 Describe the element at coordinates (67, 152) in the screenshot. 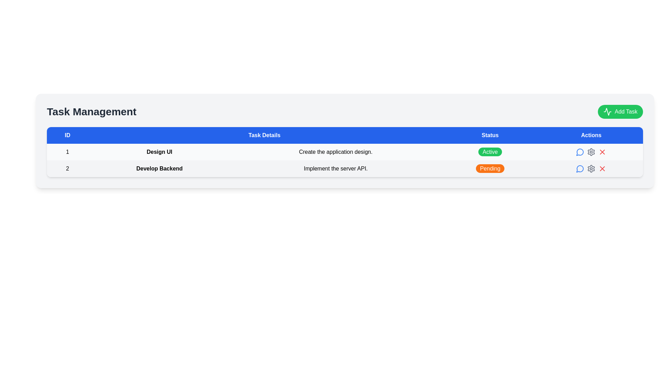

I see `the number '1' displayed in bold font within the leftmost column of the first row of the task management table, under the 'ID' column header` at that location.